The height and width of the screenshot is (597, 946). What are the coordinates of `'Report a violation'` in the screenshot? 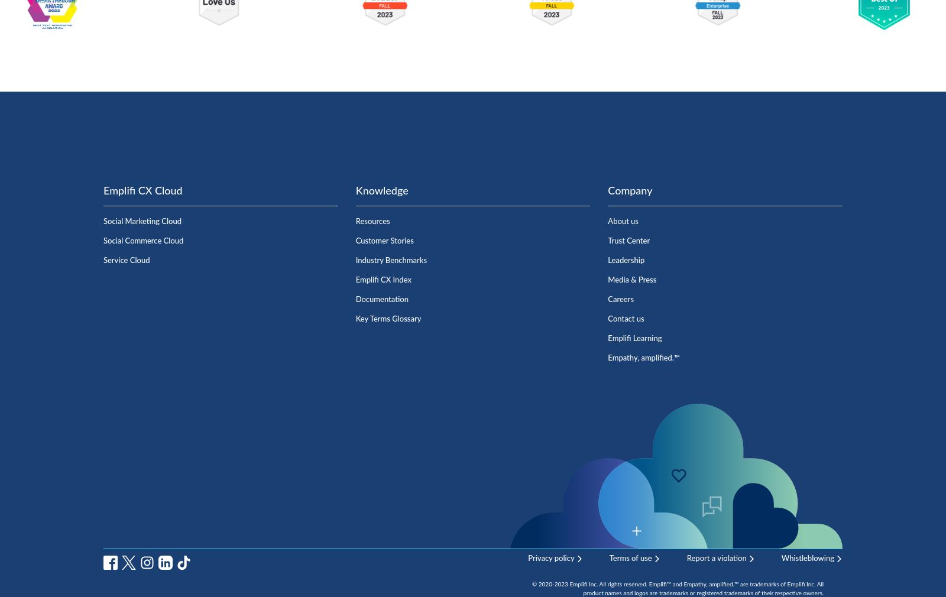 It's located at (715, 558).